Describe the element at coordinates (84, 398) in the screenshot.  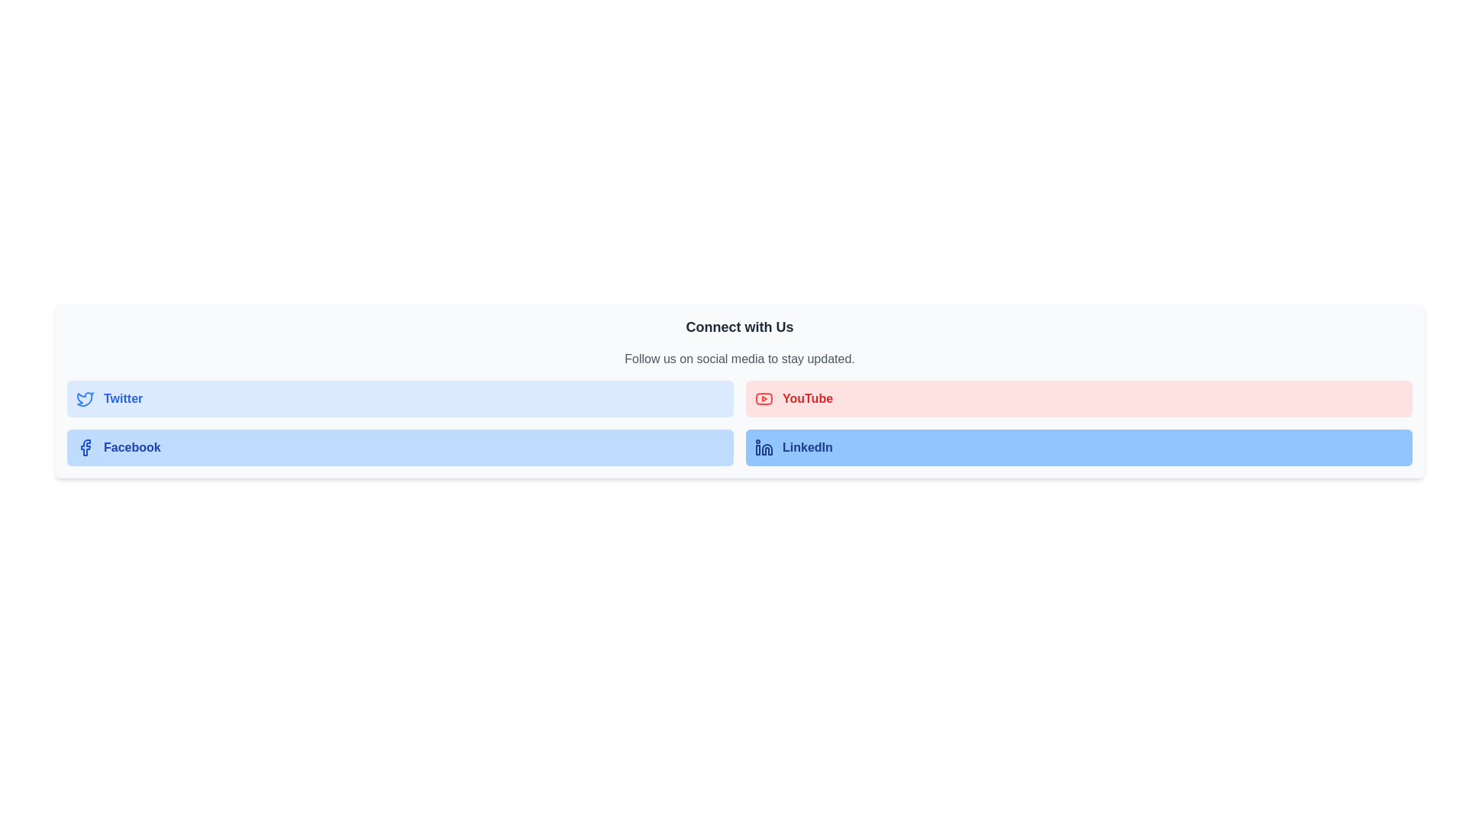
I see `the Twitter icon, which is a blue bird silhouette located on the left side of the button labeled 'Twitter' in the 'Connect with Us' section` at that location.